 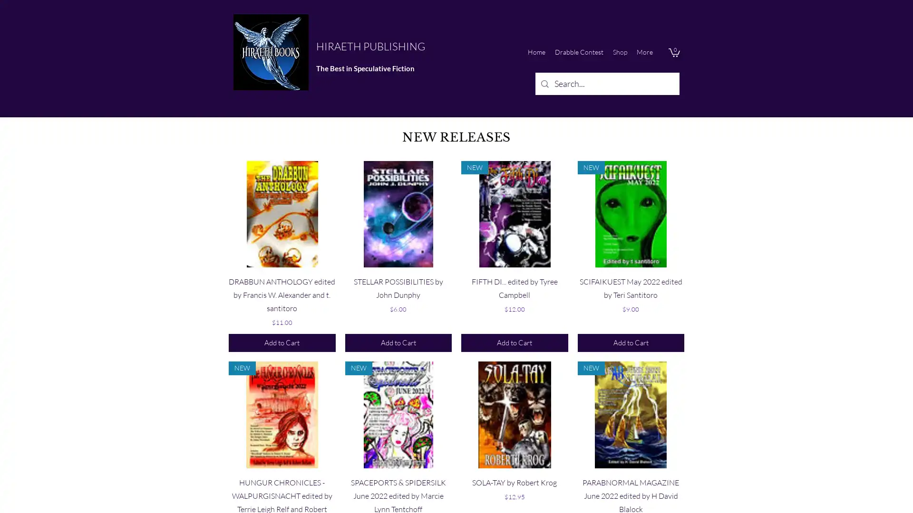 I want to click on Add to Cart, so click(x=282, y=342).